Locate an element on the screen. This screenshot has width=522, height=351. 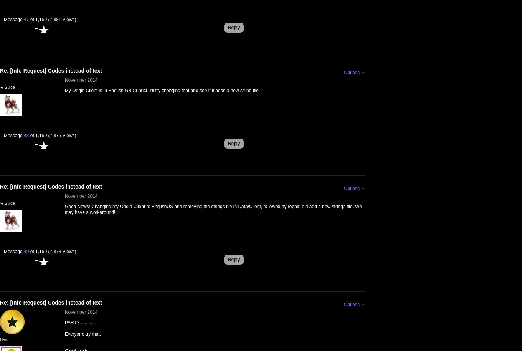
'Everyone try that.' is located at coordinates (82, 334).